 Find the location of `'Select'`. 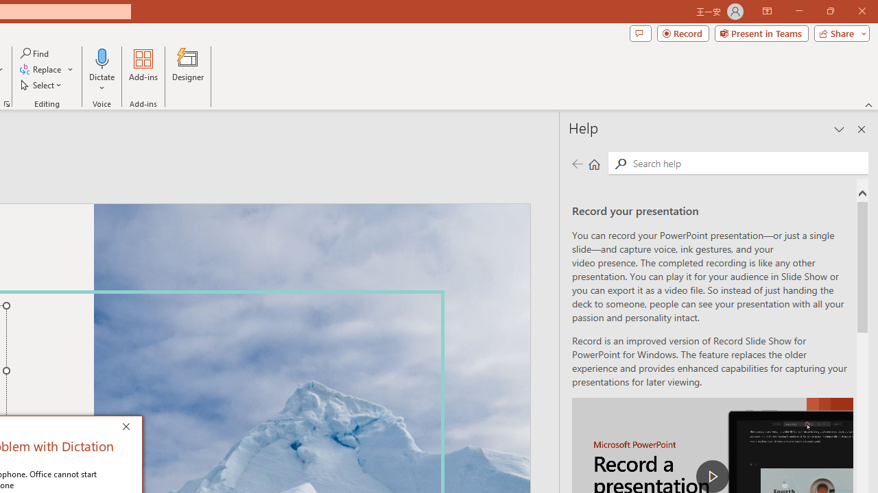

'Select' is located at coordinates (42, 85).